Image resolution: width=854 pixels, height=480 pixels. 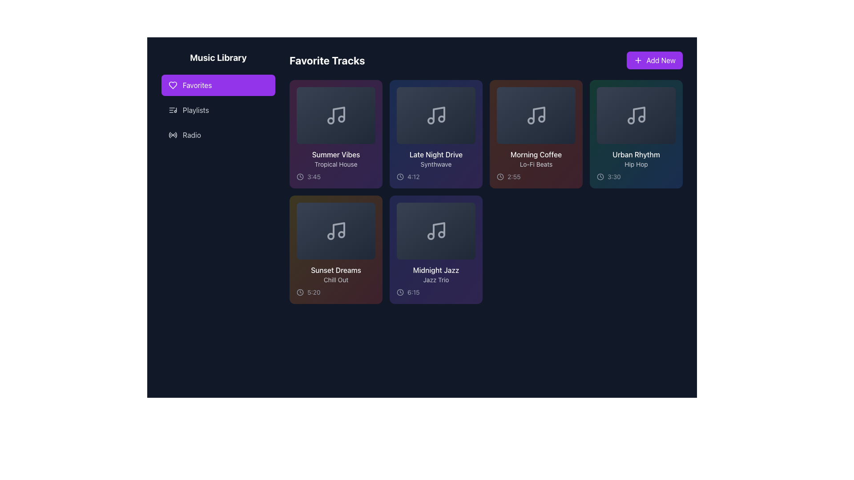 What do you see at coordinates (341, 118) in the screenshot?
I see `the small circular graphic feature within the upper-right section of the music note icon` at bounding box center [341, 118].